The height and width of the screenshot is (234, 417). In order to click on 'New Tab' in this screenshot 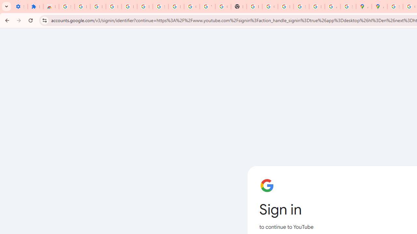, I will do `click(238, 6)`.